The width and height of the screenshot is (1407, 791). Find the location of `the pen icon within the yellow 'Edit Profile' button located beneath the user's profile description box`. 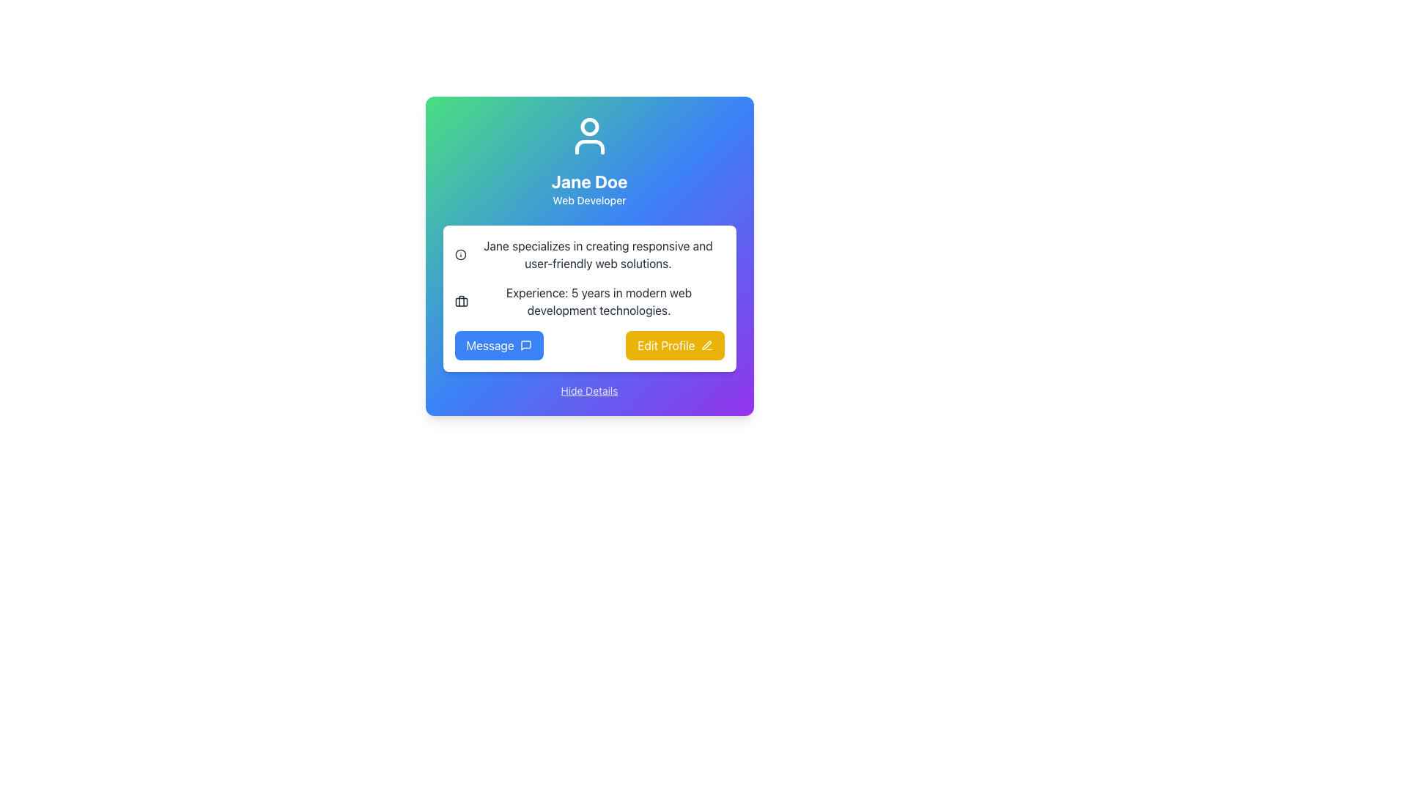

the pen icon within the yellow 'Edit Profile' button located beneath the user's profile description box is located at coordinates (706, 345).